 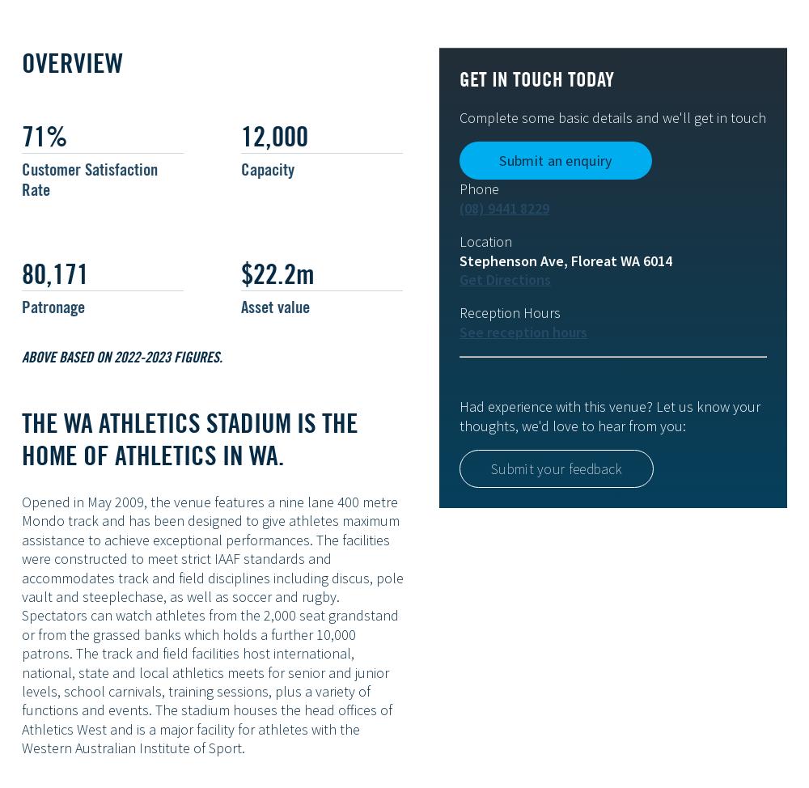 What do you see at coordinates (557, 468) in the screenshot?
I see `'Submit your feedback'` at bounding box center [557, 468].